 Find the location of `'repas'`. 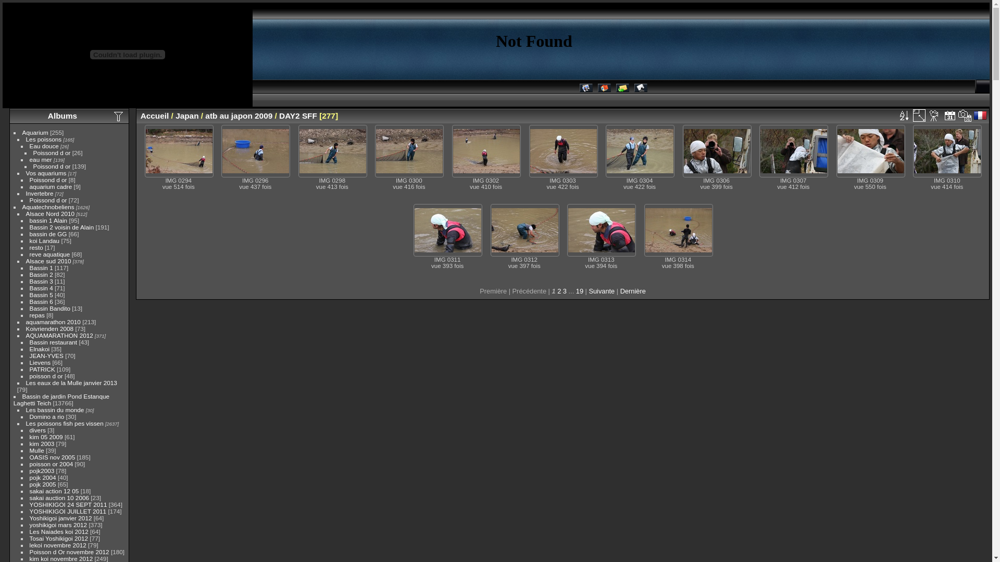

'repas' is located at coordinates (30, 314).